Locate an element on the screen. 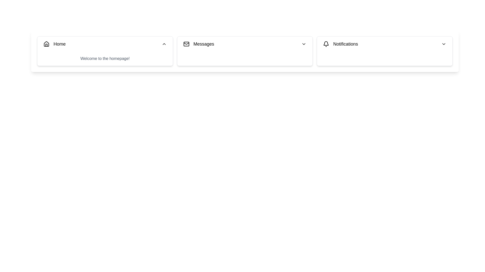  the downward chevron icon at the right end of the 'Messages' section is located at coordinates (304, 44).